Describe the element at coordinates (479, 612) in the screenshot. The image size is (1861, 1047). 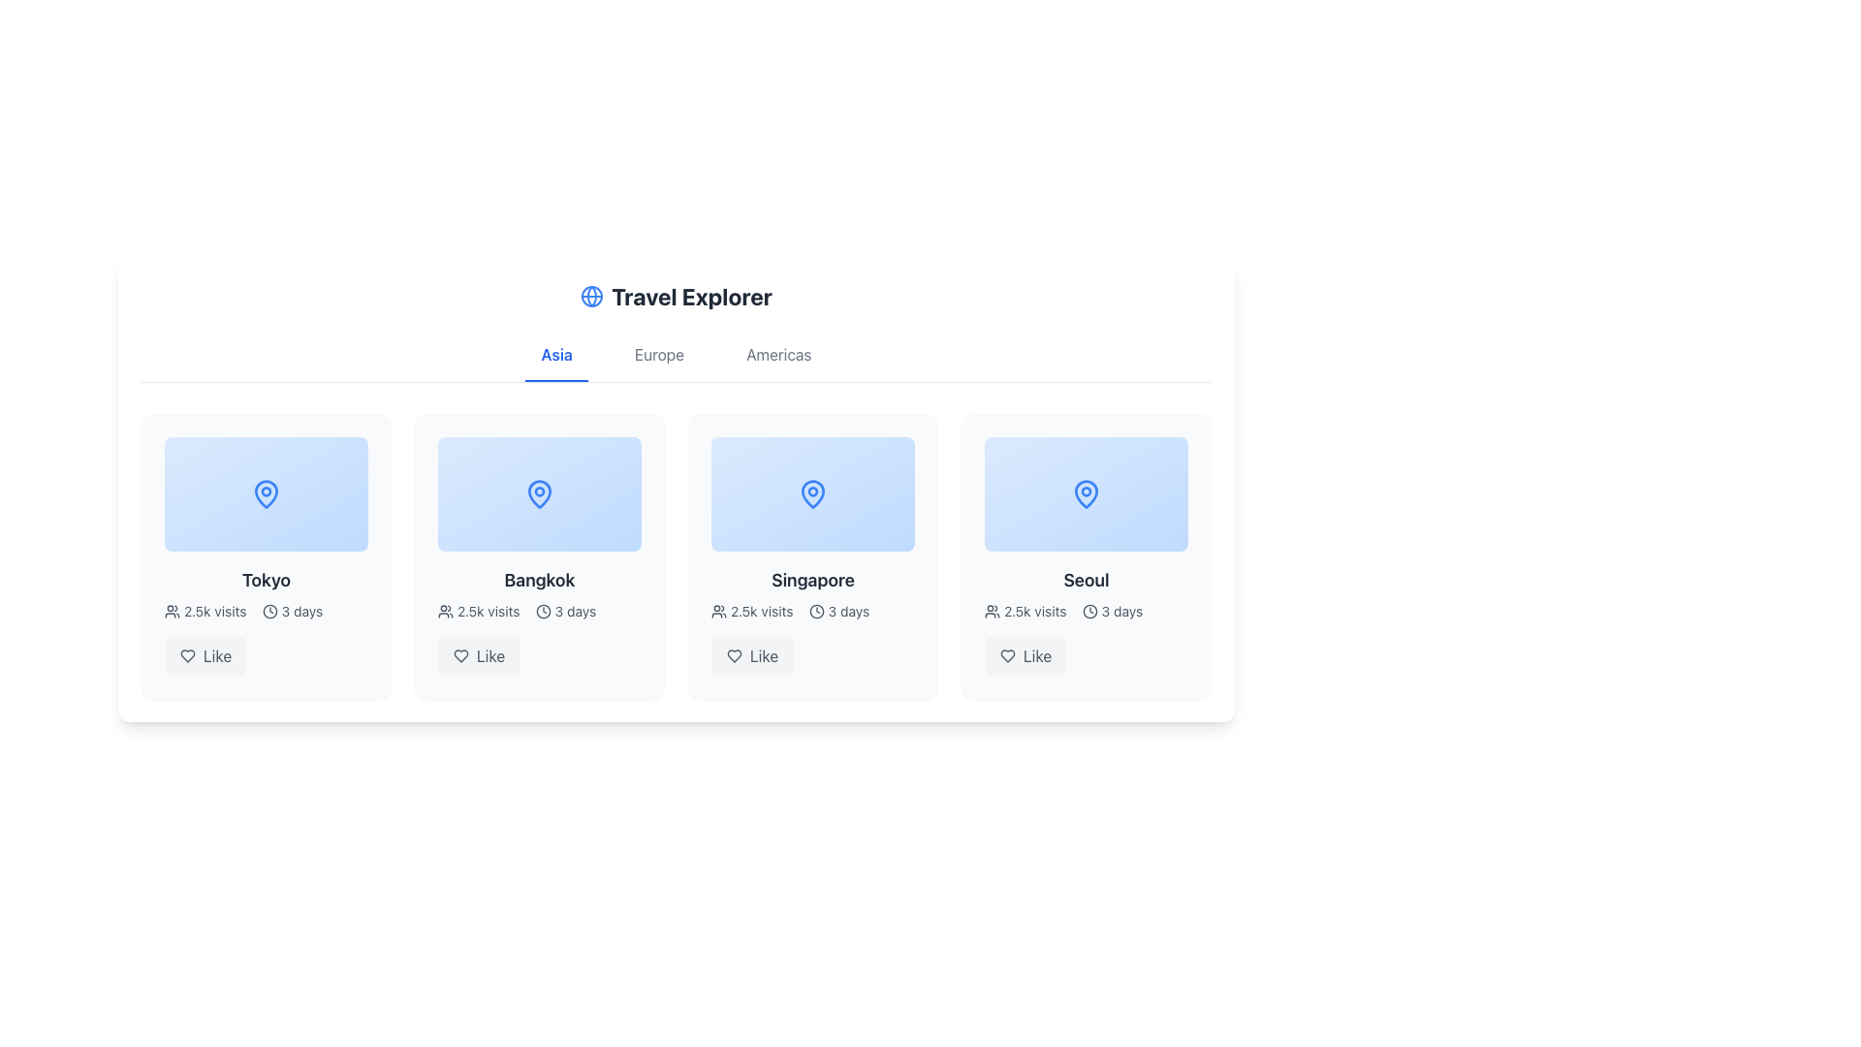
I see `the static informational label indicating the visitation metric for the item related to 'Bangkok', which is located in the second card below the main title and above the time information` at that location.